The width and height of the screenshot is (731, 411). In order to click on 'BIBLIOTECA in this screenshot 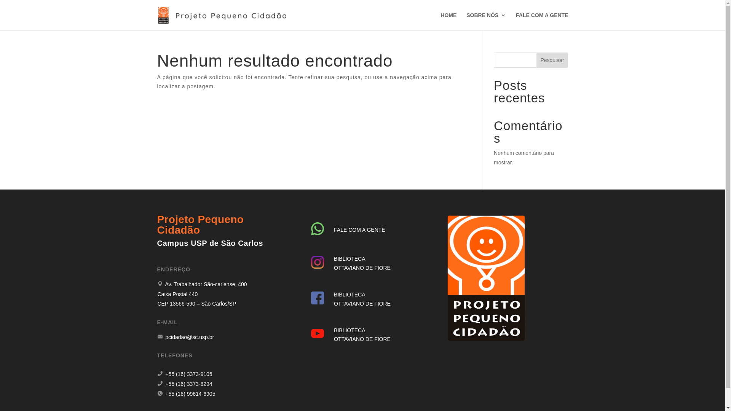, I will do `click(334, 299)`.